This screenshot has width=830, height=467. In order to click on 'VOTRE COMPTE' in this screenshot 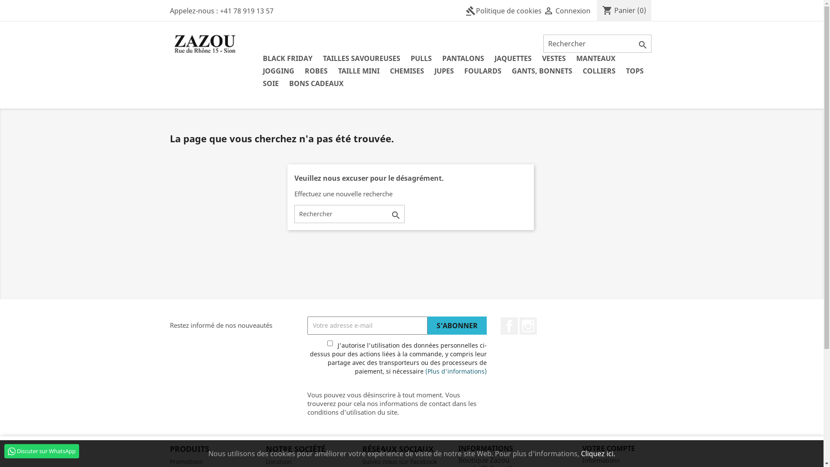, I will do `click(582, 448)`.